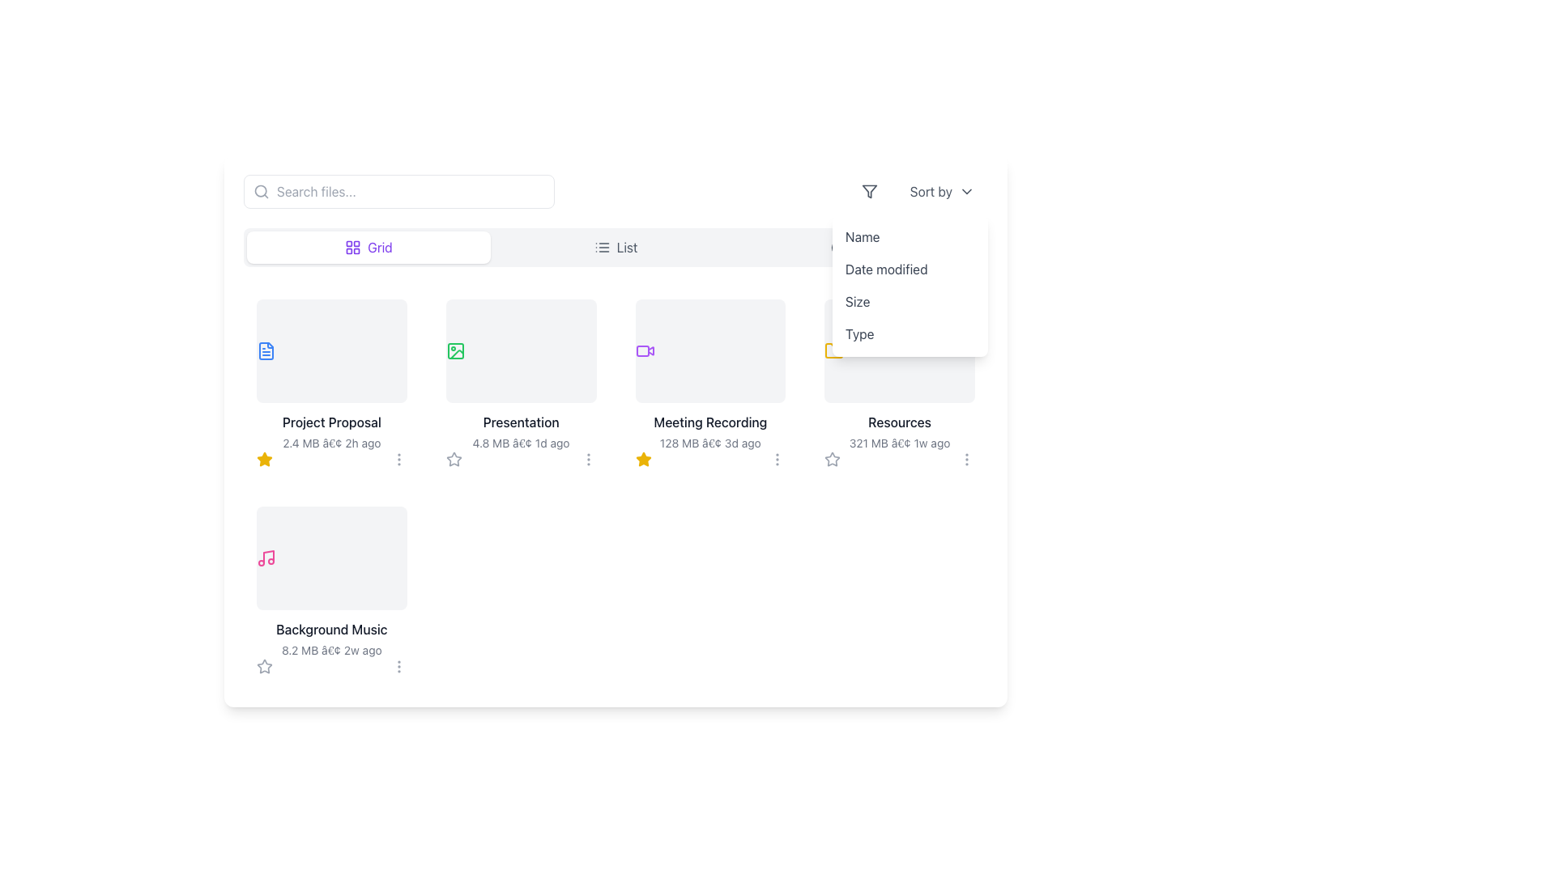 This screenshot has width=1555, height=874. Describe the element at coordinates (398, 667) in the screenshot. I see `the vertical ellipsis icon, which consists of three small circular dots arranged vertically, located in the bottom right of the 'Background Music' section` at that location.